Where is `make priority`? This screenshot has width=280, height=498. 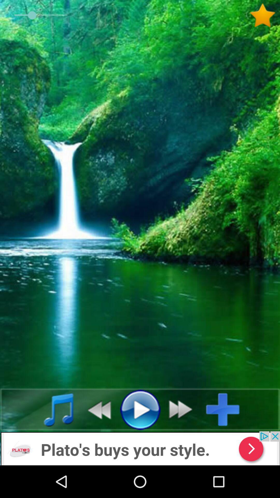 make priority is located at coordinates (264, 15).